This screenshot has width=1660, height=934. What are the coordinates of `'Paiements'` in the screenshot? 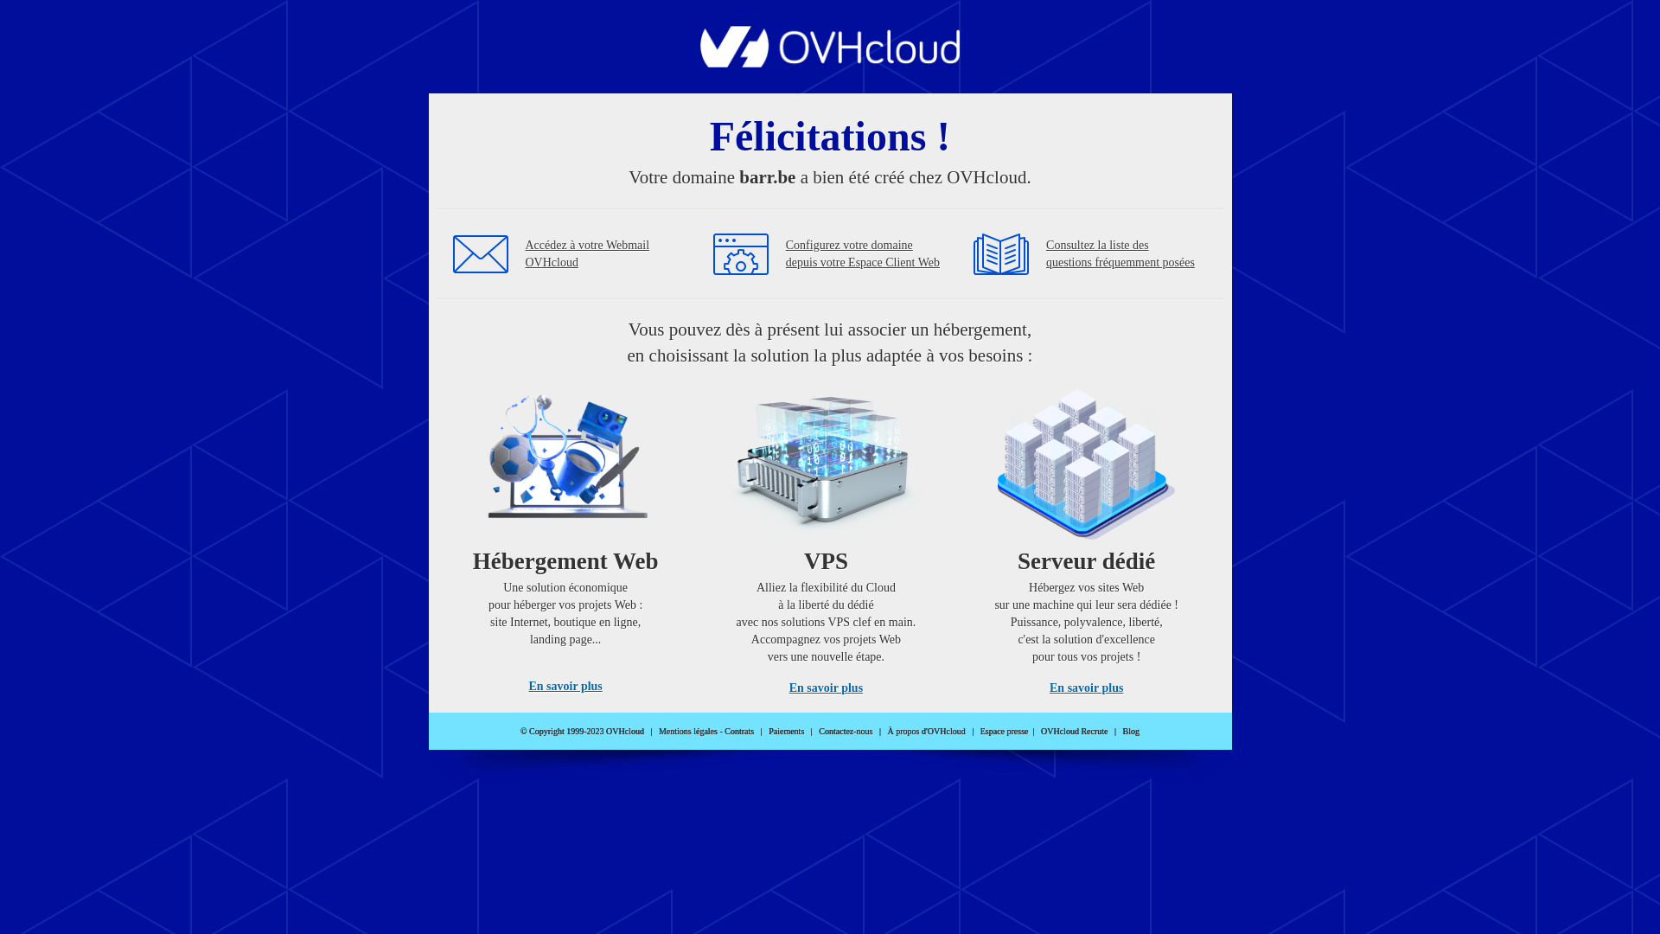 It's located at (785, 731).